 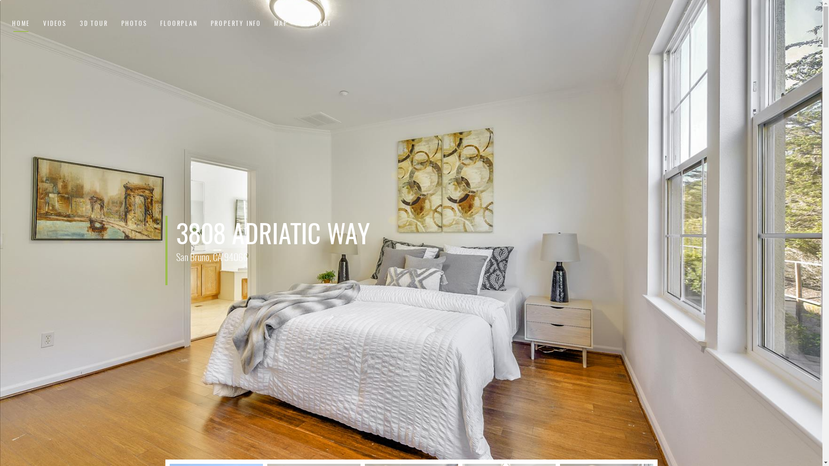 What do you see at coordinates (211, 24) in the screenshot?
I see `'PROPERTY INFO'` at bounding box center [211, 24].